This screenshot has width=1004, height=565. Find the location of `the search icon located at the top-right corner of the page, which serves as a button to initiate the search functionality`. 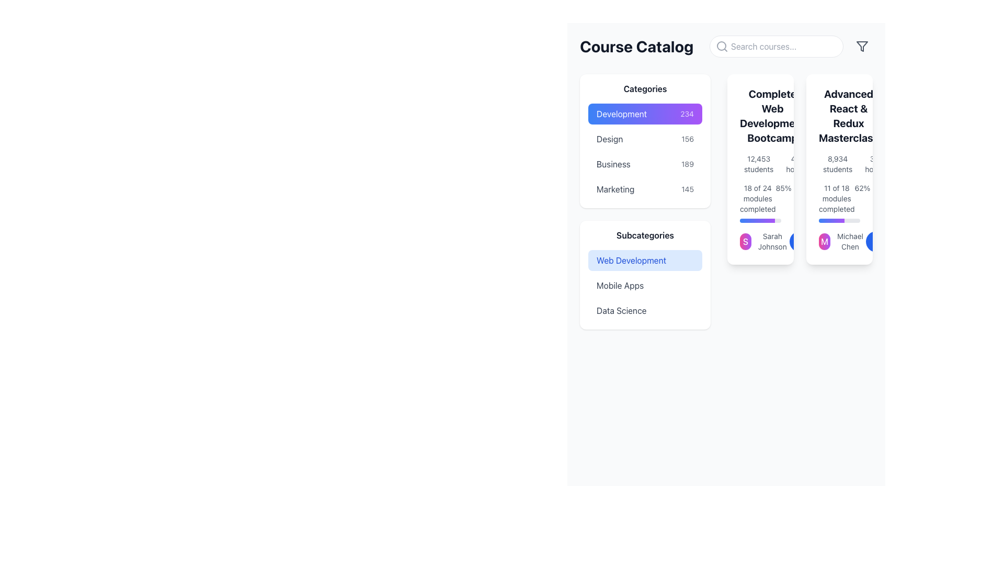

the search icon located at the top-right corner of the page, which serves as a button to initiate the search functionality is located at coordinates (722, 46).